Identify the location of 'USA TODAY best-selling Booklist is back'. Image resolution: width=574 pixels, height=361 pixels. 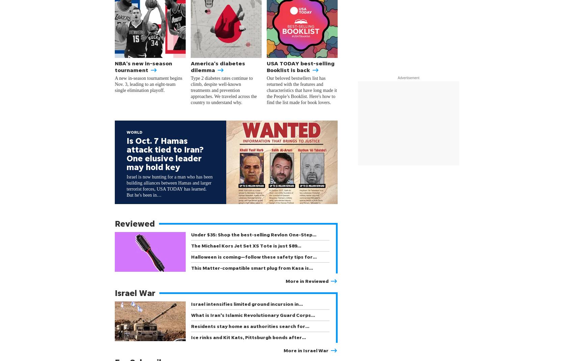
(301, 66).